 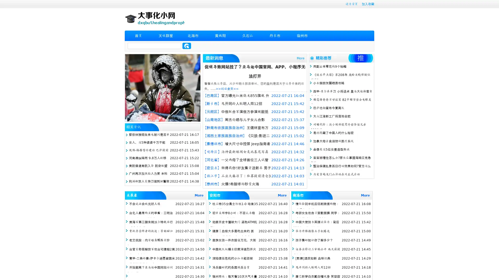 I want to click on Search, so click(x=187, y=46).